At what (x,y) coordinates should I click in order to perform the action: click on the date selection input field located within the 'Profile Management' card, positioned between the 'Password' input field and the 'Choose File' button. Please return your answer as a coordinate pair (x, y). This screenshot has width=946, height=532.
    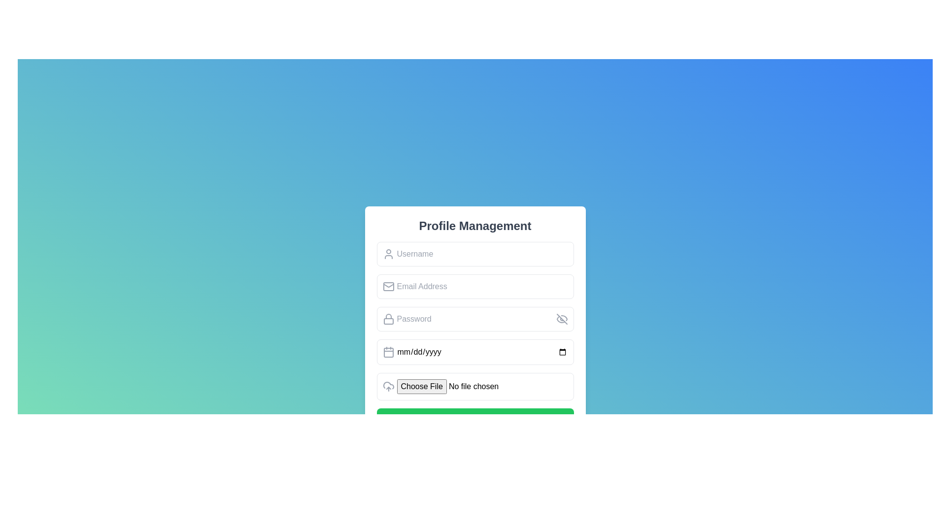
    Looking at the image, I should click on (475, 351).